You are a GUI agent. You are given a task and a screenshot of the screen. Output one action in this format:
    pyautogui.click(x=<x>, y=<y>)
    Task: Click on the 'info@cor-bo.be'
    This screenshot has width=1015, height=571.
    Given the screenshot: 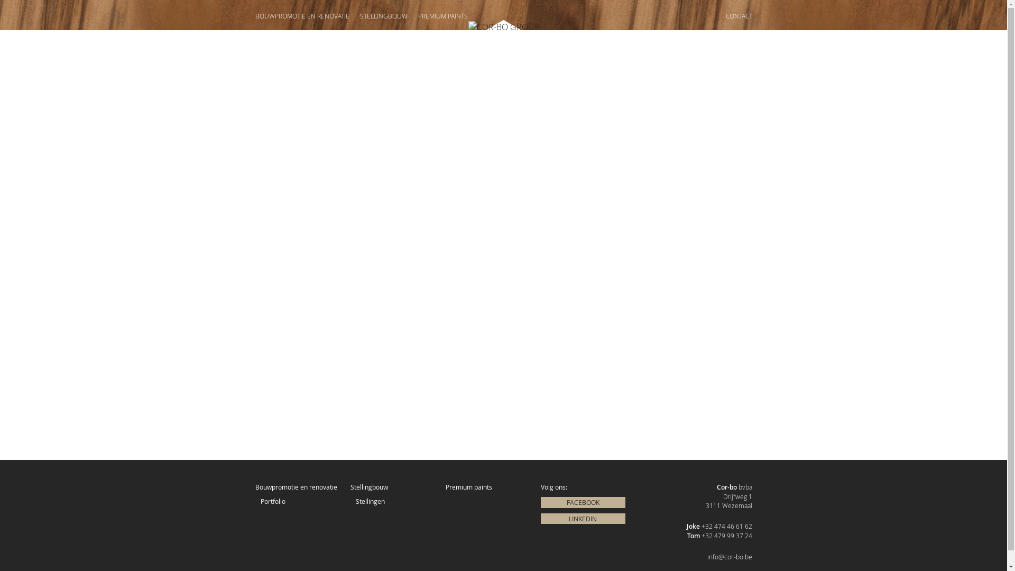 What is the action you would take?
    pyautogui.click(x=707, y=556)
    